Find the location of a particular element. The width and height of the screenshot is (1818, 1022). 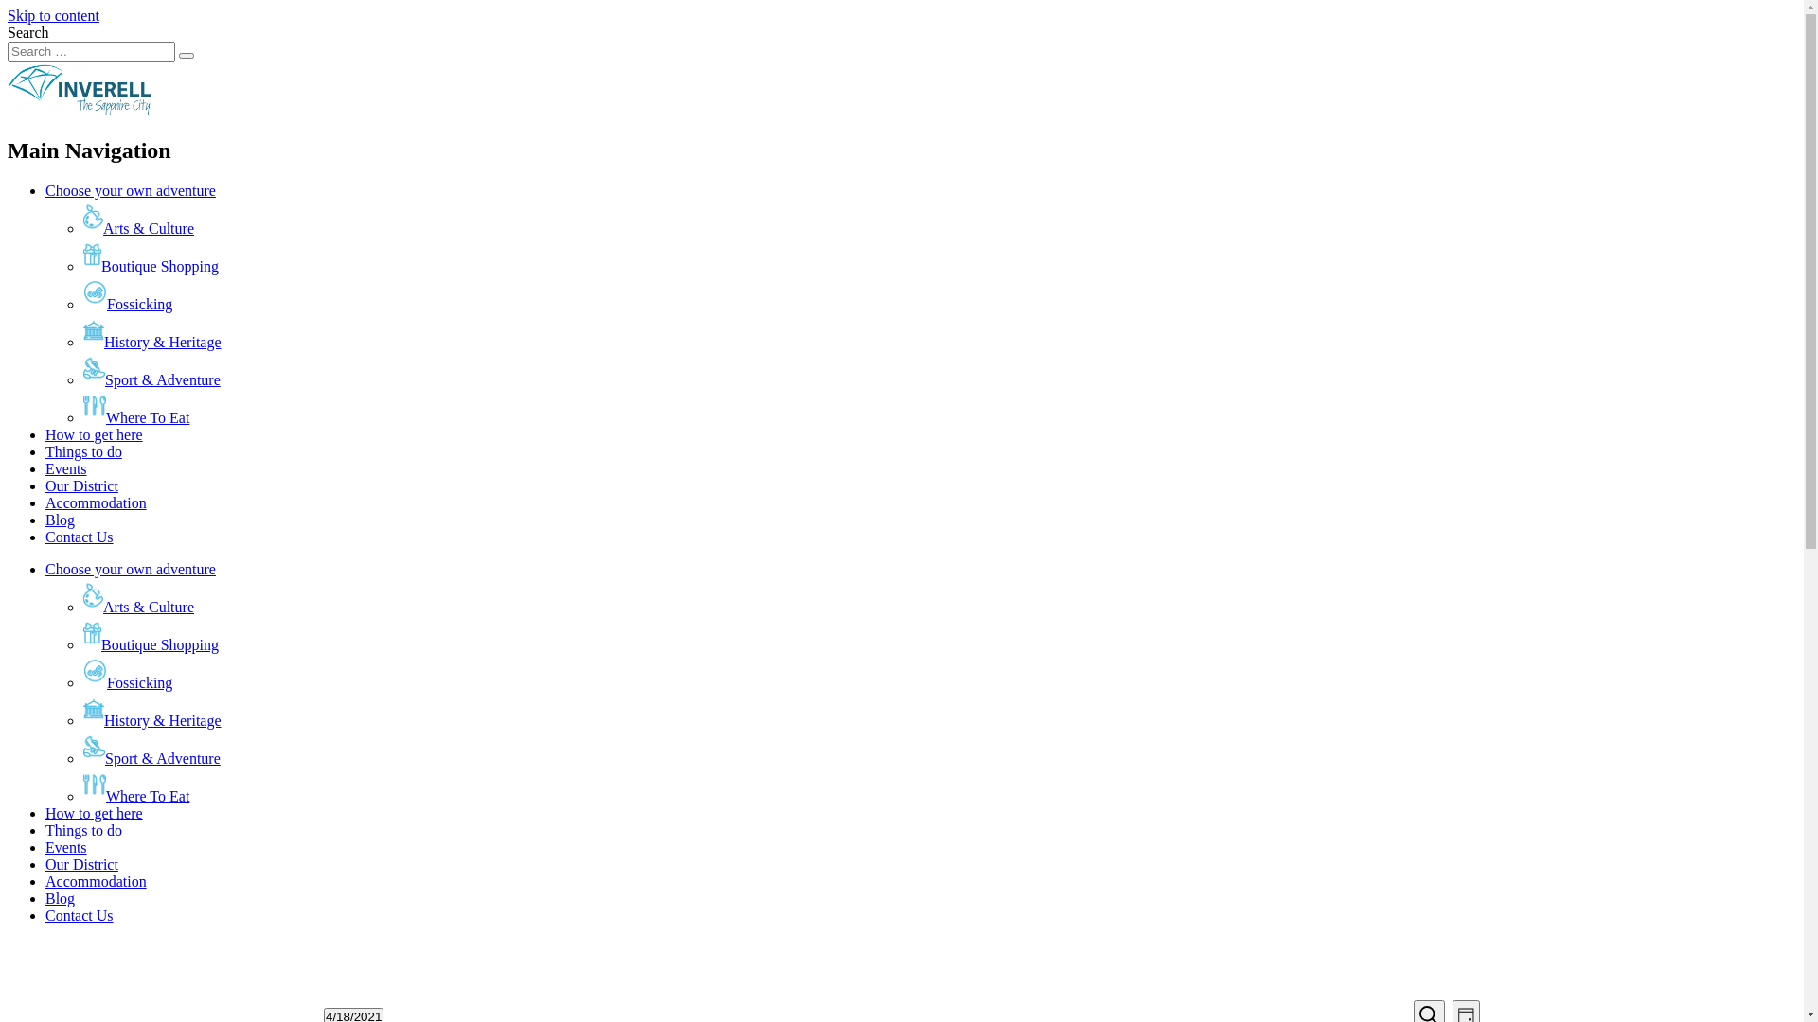

'How to get here' is located at coordinates (93, 812).